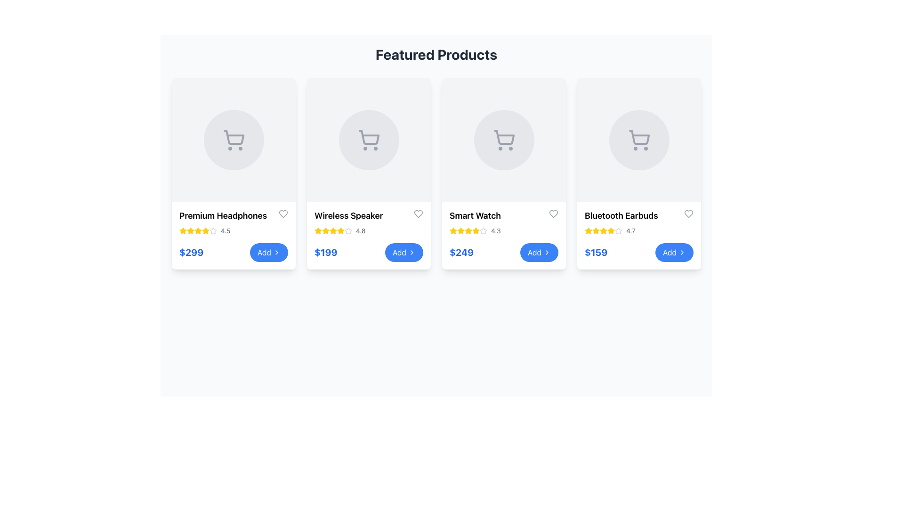  I want to click on the yellow star icon representing the first star in the rating system under the product title 'Premium Headphones' in the 'Featured Products' section, so click(183, 230).